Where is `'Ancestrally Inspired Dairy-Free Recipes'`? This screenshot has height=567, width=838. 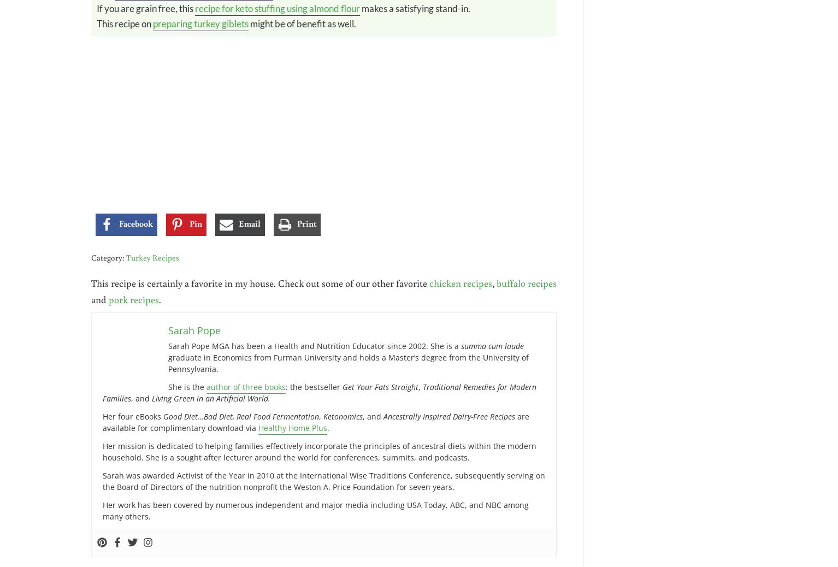 'Ancestrally Inspired Dairy-Free Recipes' is located at coordinates (449, 415).